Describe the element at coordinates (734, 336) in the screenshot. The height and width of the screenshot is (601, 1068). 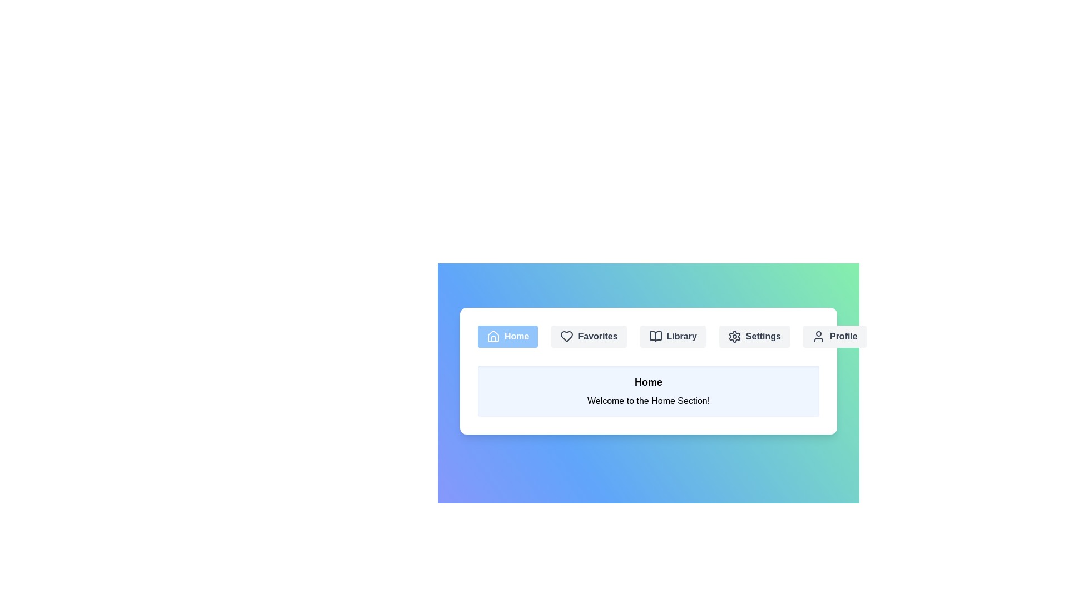
I see `the cogwheel-shaped icon located to the left of the 'Settings' text in the navigation bar` at that location.